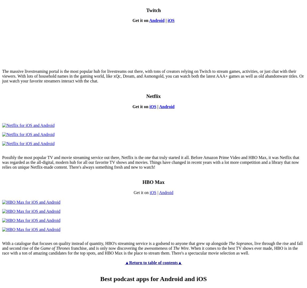 This screenshot has height=288, width=307. What do you see at coordinates (152, 245) in the screenshot?
I see `', live through the rise and fall and second rise of the'` at bounding box center [152, 245].